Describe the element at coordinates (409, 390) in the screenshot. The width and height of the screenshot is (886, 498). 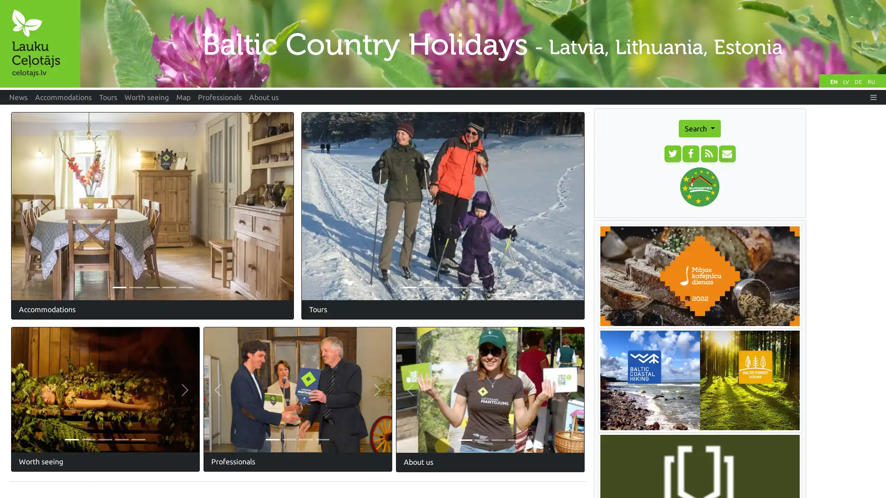
I see `Previous` at that location.